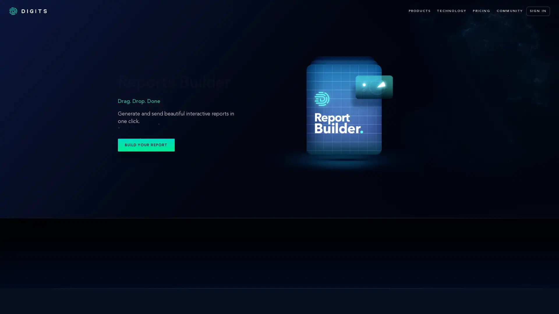  What do you see at coordinates (349, 181) in the screenshot?
I see `Digits Boost` at bounding box center [349, 181].